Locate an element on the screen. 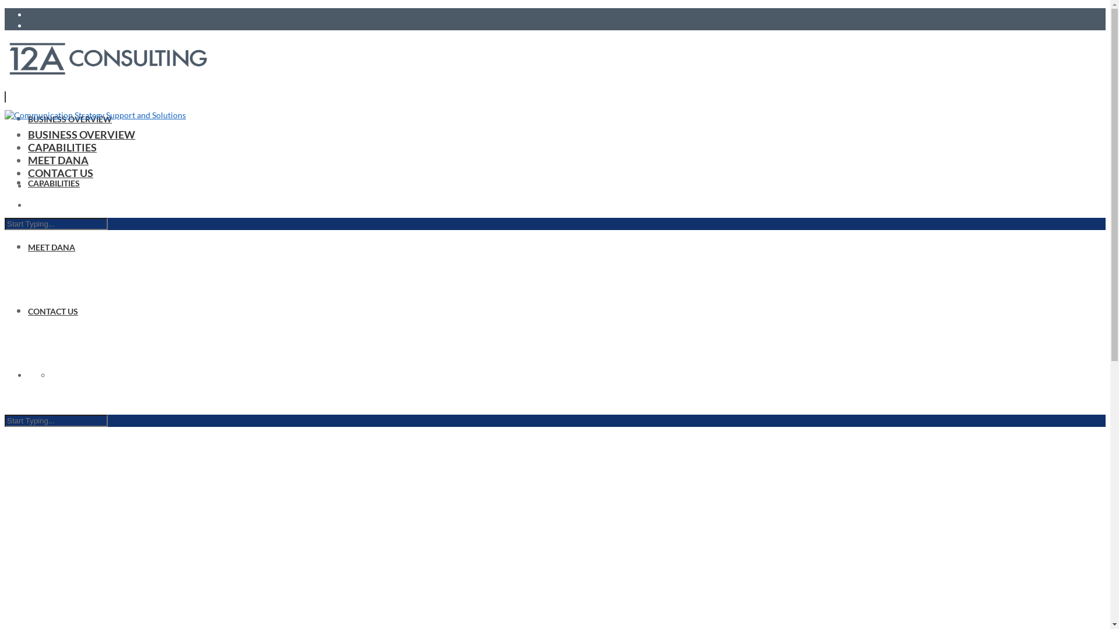 Image resolution: width=1119 pixels, height=629 pixels. 'CONTACT US' is located at coordinates (28, 173).